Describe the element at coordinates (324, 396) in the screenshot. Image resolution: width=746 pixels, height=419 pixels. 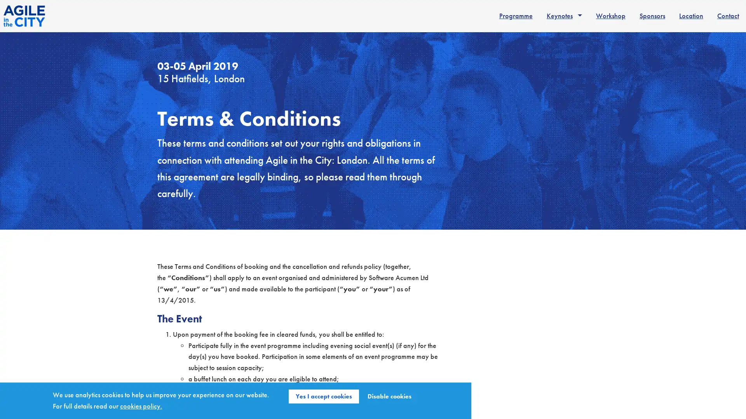
I see `Yes I accept cookies` at that location.